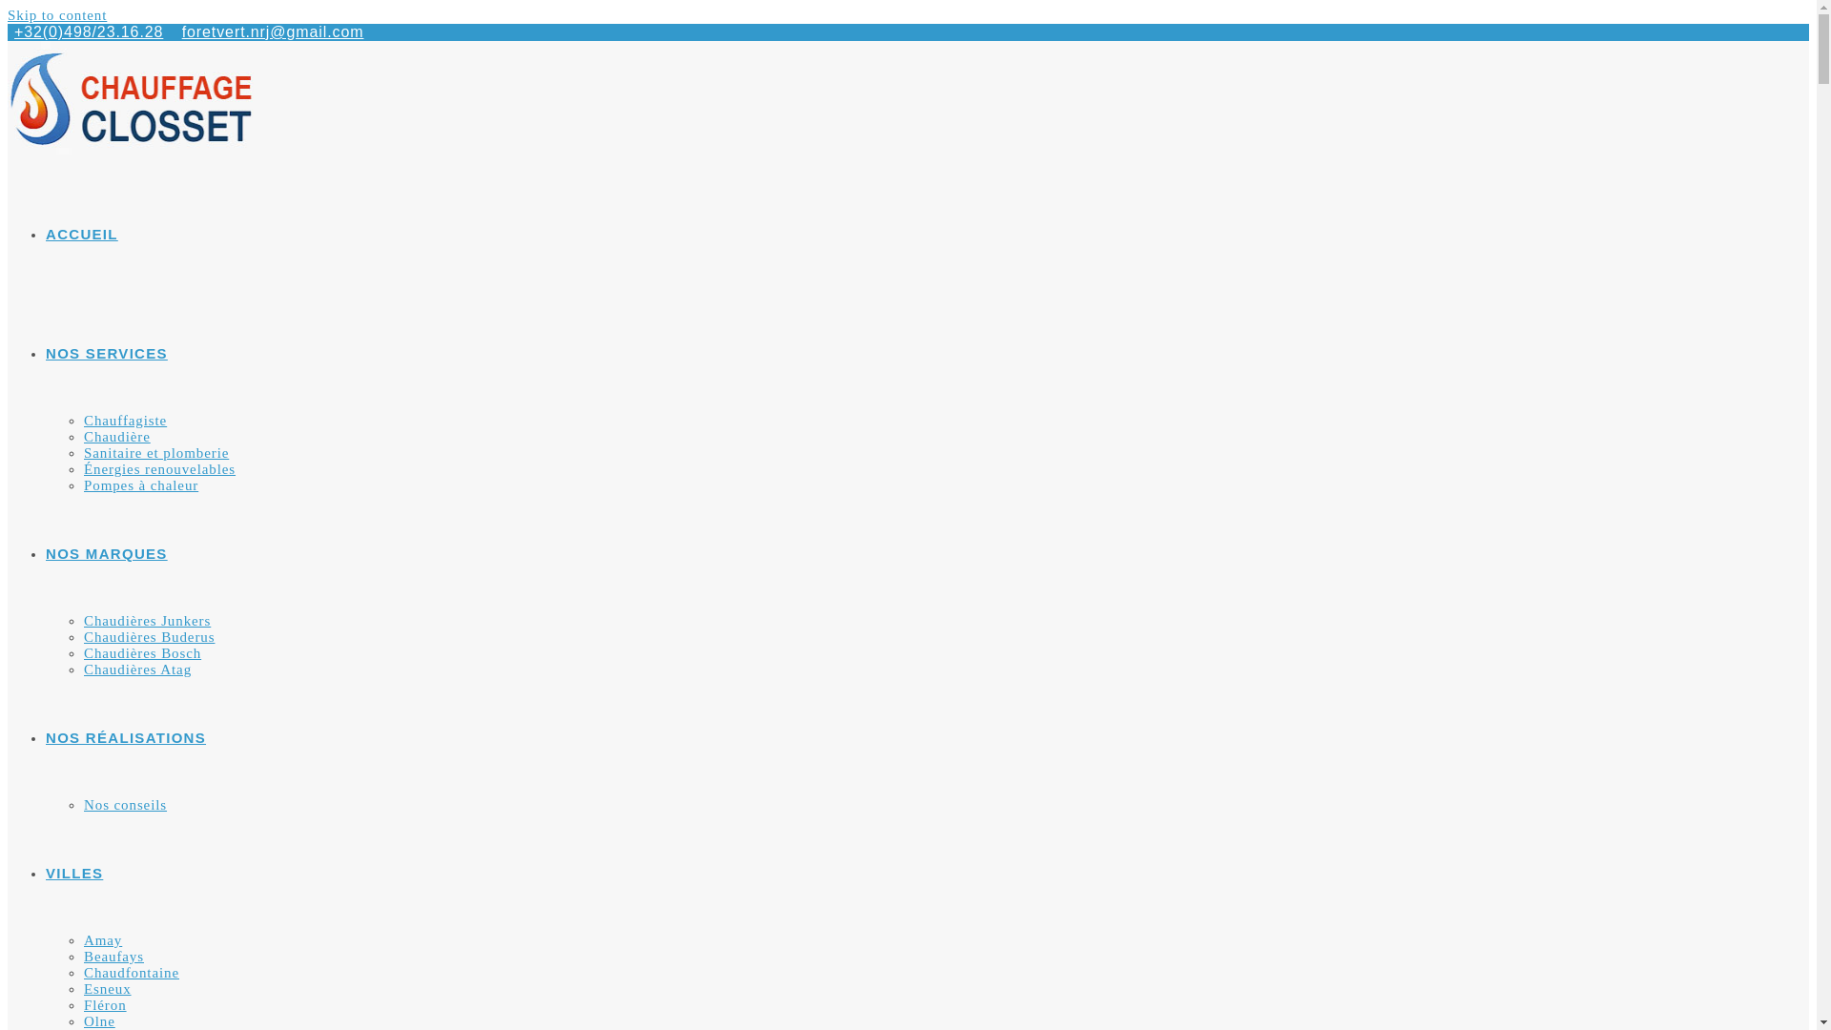 This screenshot has width=1831, height=1030. What do you see at coordinates (113, 956) in the screenshot?
I see `'Beaufays'` at bounding box center [113, 956].